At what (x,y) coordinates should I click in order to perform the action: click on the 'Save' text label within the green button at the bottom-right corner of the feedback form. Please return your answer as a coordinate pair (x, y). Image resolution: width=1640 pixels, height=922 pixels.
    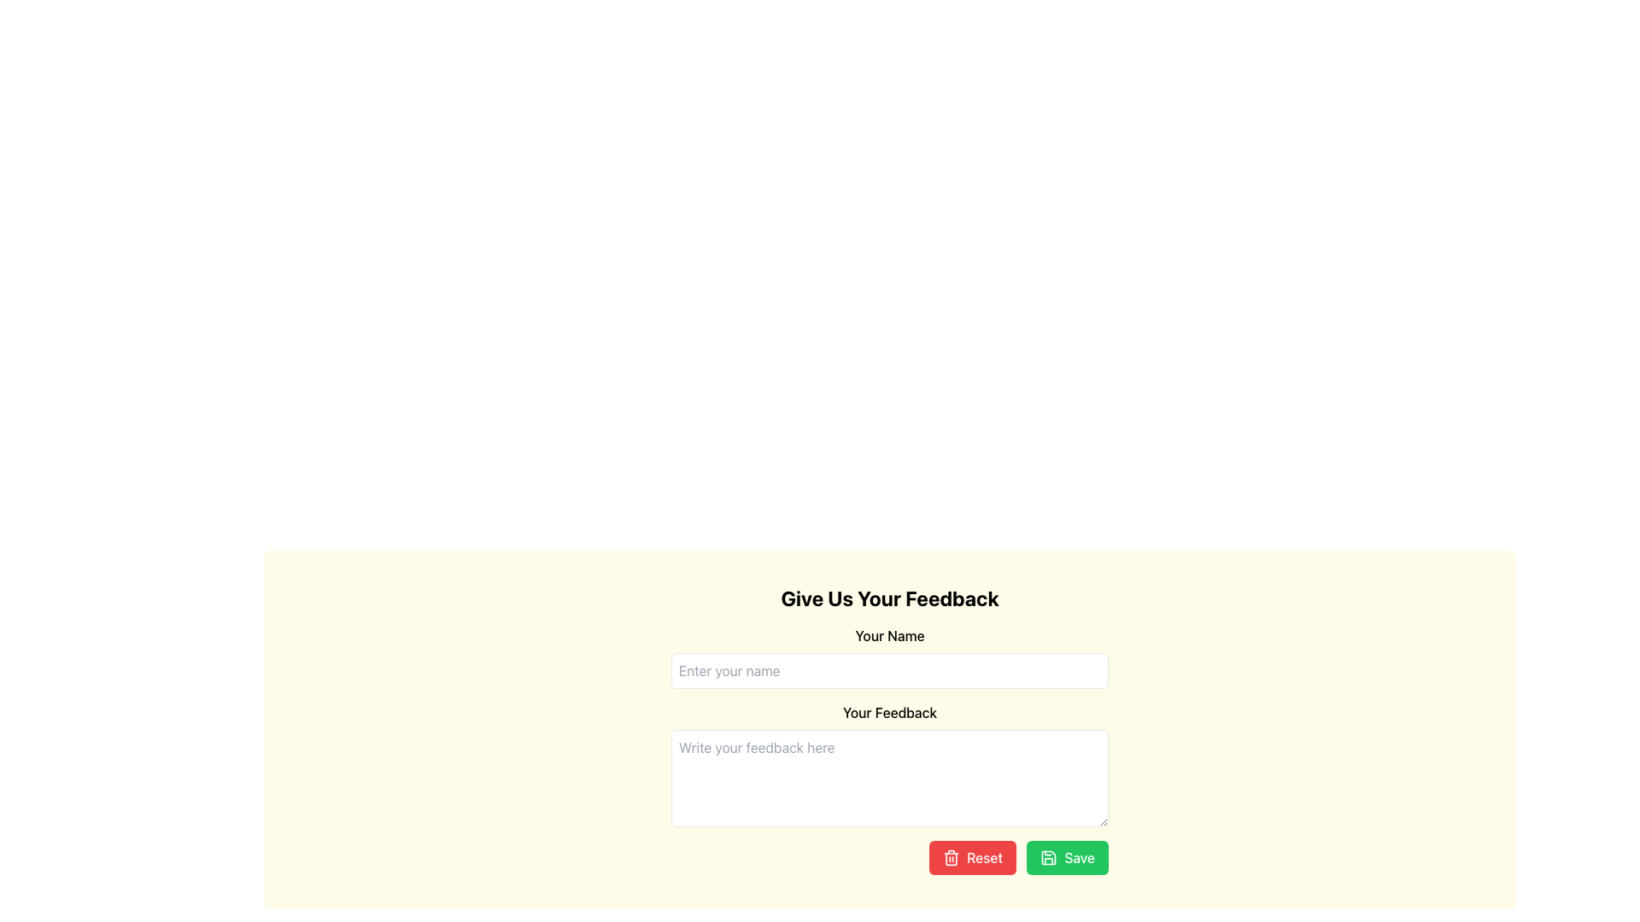
    Looking at the image, I should click on (1079, 858).